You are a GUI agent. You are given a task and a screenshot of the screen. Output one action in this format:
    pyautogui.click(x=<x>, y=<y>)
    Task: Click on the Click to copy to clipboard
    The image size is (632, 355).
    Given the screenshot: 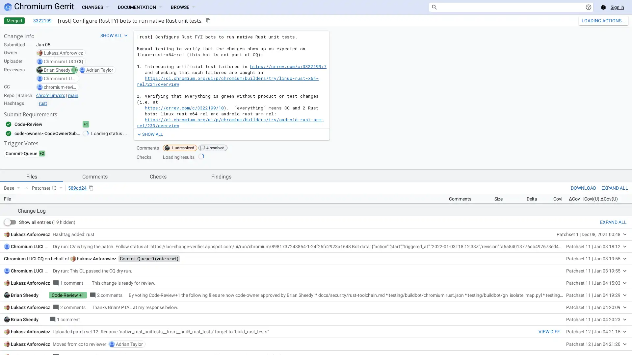 What is the action you would take?
    pyautogui.click(x=91, y=188)
    